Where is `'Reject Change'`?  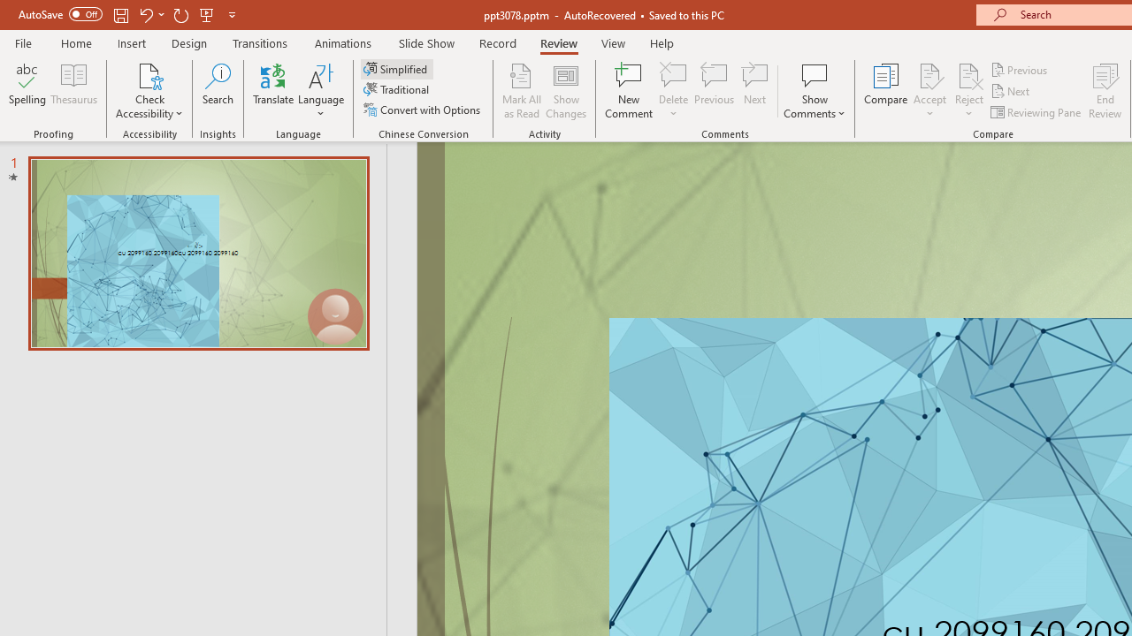
'Reject Change' is located at coordinates (968, 74).